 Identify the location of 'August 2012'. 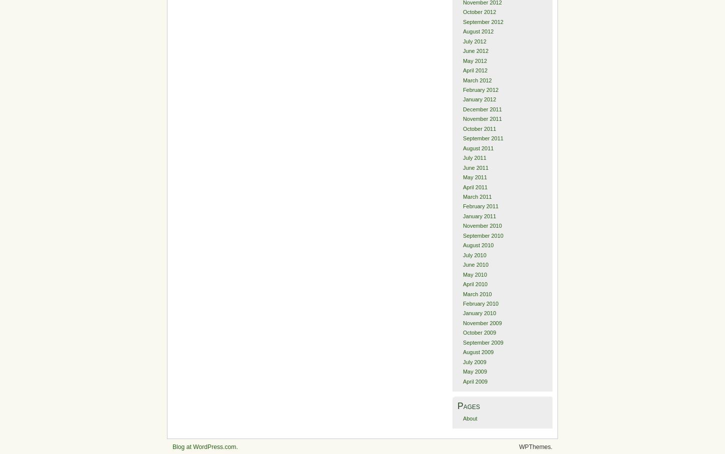
(477, 31).